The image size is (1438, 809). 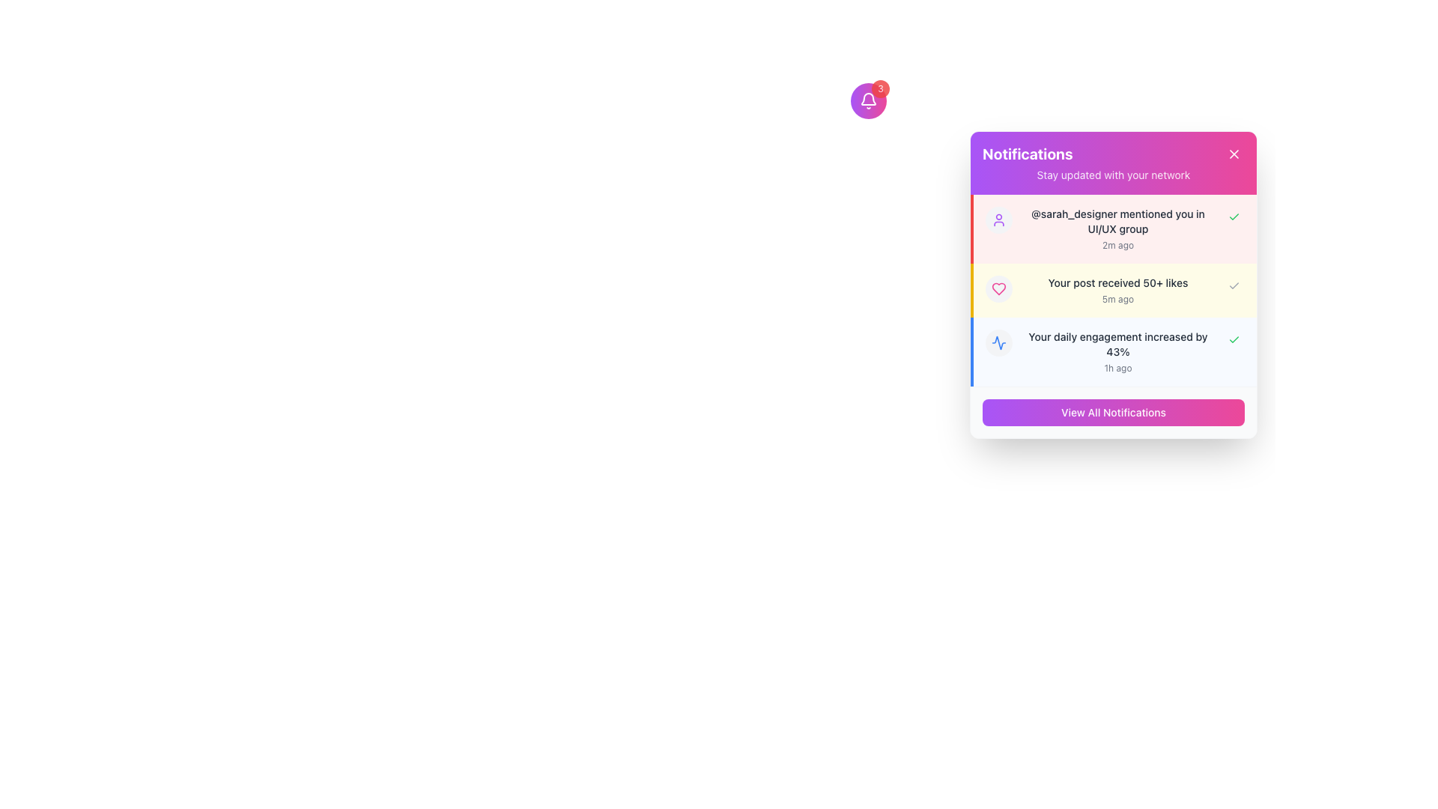 What do you see at coordinates (1114, 352) in the screenshot?
I see `the Notification card element that has a light blue background, a bold text stating 'Your daily engagement increased by 43%', and is located at the bottom of the notifications panel` at bounding box center [1114, 352].